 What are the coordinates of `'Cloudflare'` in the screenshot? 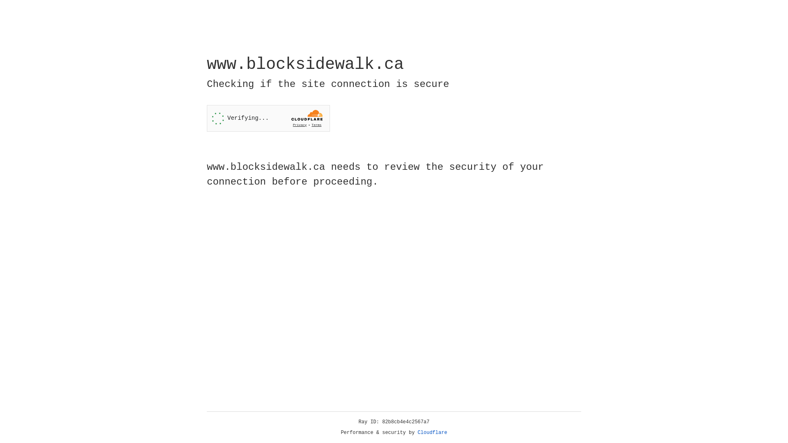 It's located at (432, 432).